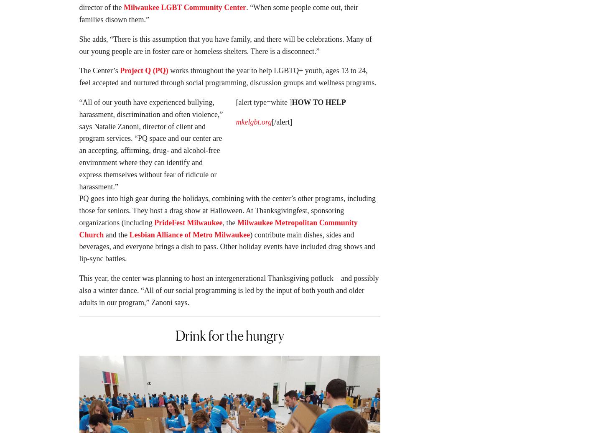 This screenshot has height=433, width=606. I want to click on ') contribute main dishes, sides and beverages, and everyone brings a dish to pass. Other holiday events have included drag shows and lip-sync battles.', so click(227, 249).